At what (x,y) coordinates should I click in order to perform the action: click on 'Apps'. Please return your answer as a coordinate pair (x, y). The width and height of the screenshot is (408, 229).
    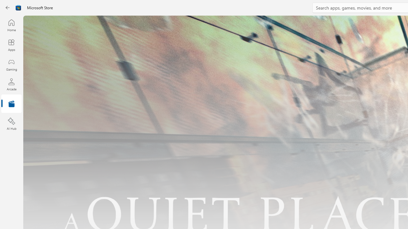
    Looking at the image, I should click on (11, 45).